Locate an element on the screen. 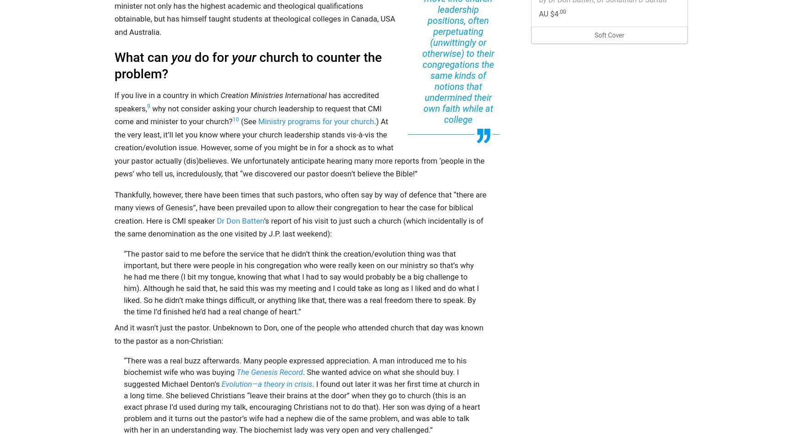 This screenshot has width=802, height=434. 'church to counter the problem?' is located at coordinates (247, 65).